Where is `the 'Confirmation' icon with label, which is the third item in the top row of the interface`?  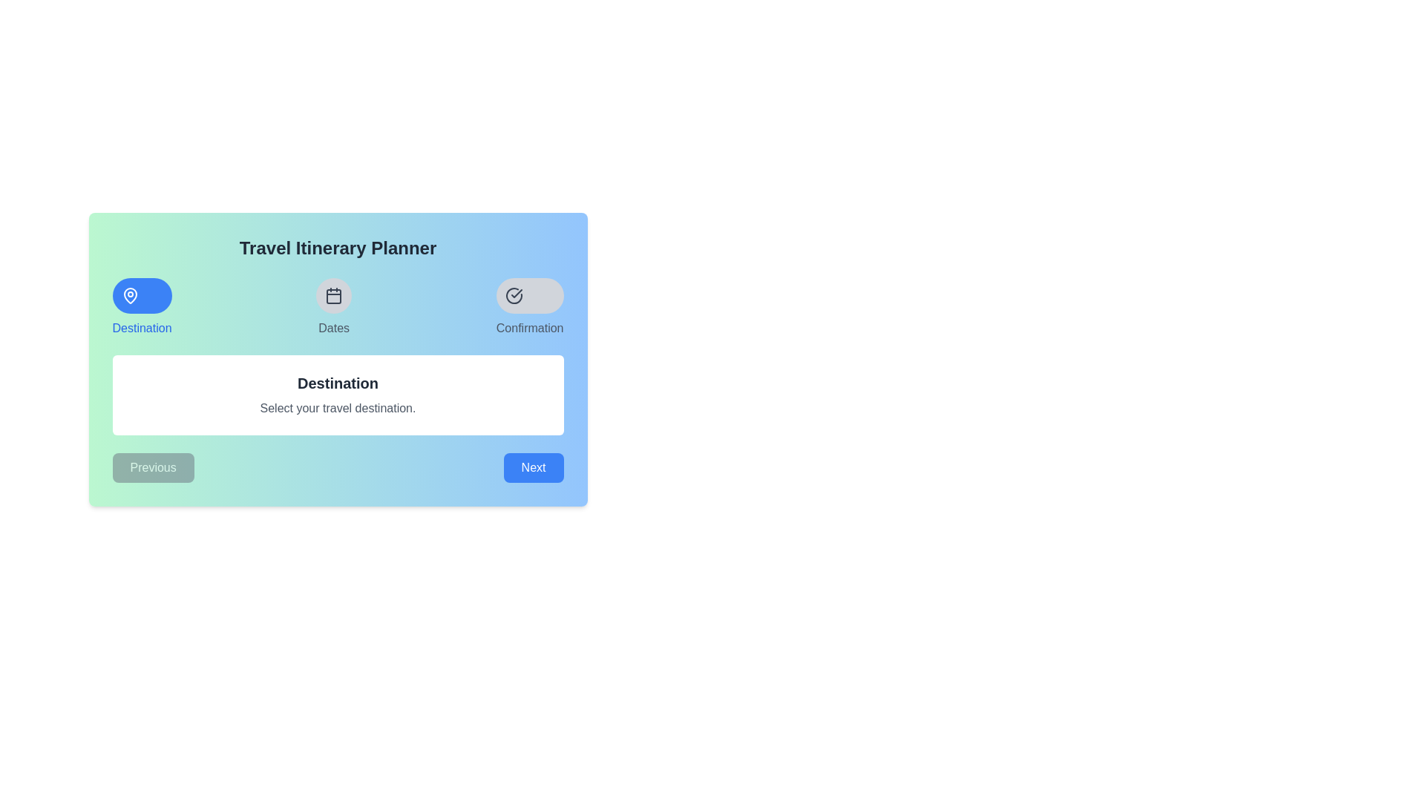
the 'Confirmation' icon with label, which is the third item in the top row of the interface is located at coordinates (530, 307).